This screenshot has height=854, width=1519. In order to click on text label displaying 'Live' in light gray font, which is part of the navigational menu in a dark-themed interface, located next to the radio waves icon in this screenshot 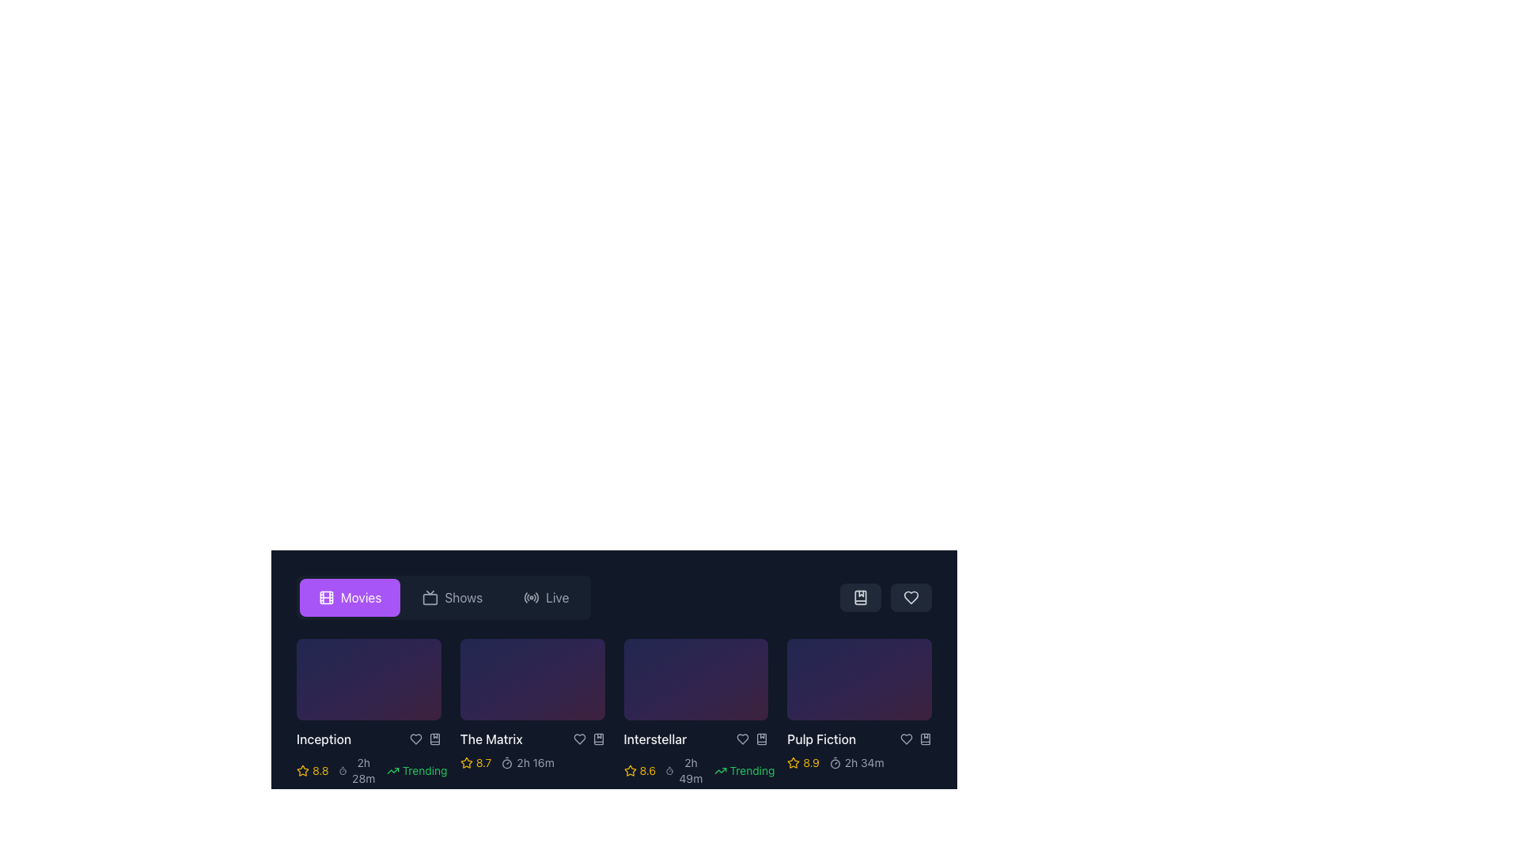, I will do `click(557, 598)`.